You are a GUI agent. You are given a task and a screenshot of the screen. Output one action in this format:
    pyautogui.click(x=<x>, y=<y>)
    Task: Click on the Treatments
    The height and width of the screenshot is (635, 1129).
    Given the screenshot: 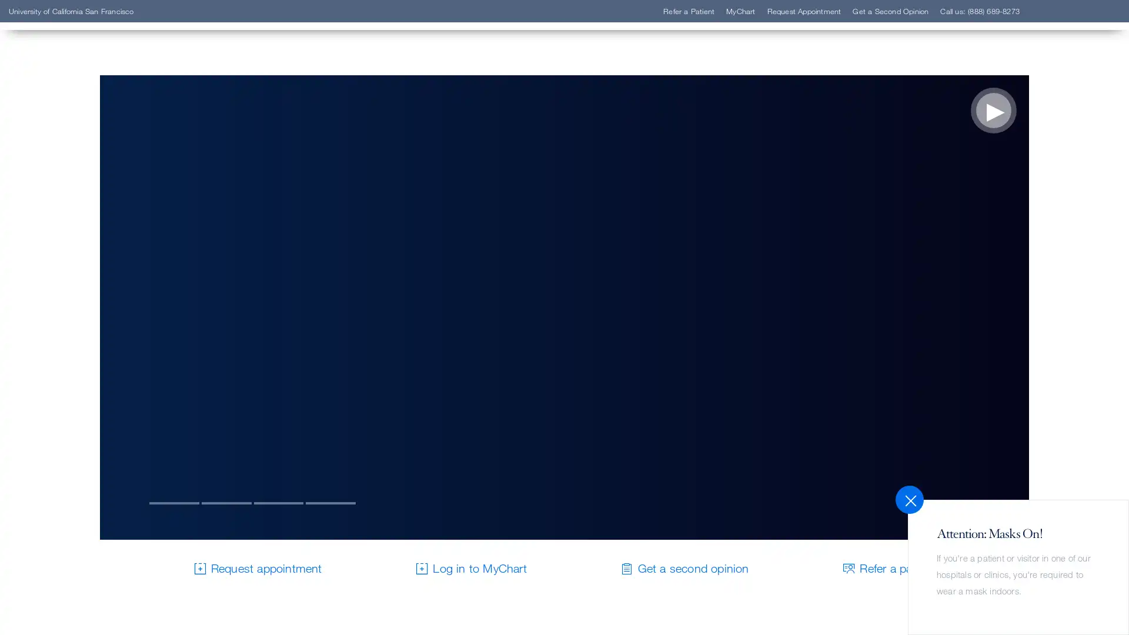 What is the action you would take?
    pyautogui.click(x=75, y=243)
    